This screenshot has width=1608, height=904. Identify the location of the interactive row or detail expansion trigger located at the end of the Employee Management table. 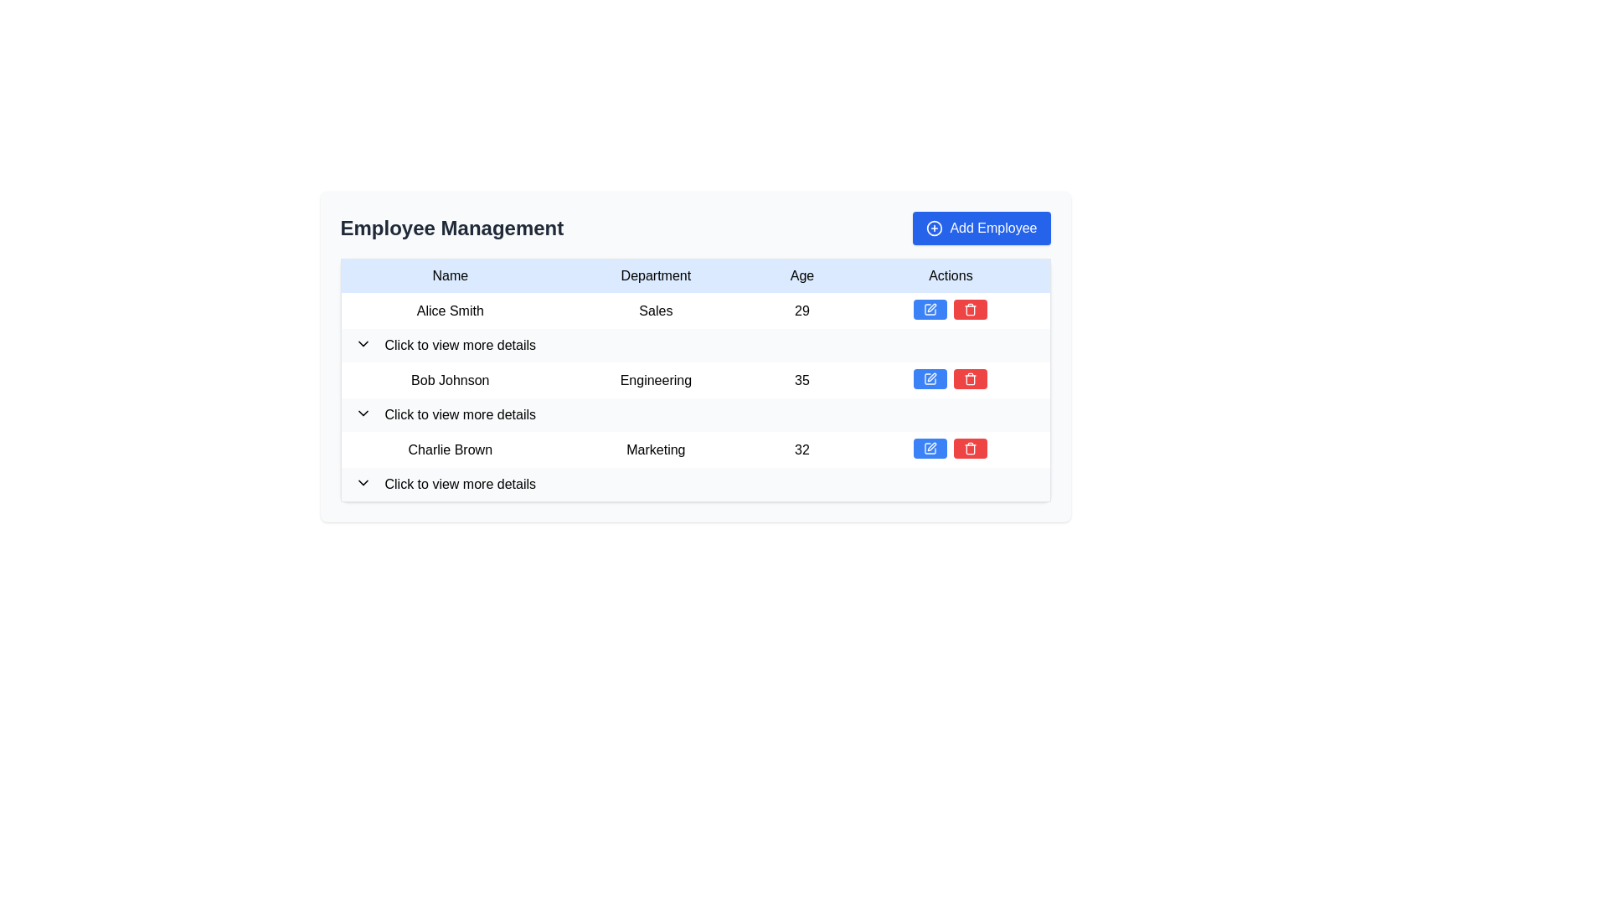
(695, 485).